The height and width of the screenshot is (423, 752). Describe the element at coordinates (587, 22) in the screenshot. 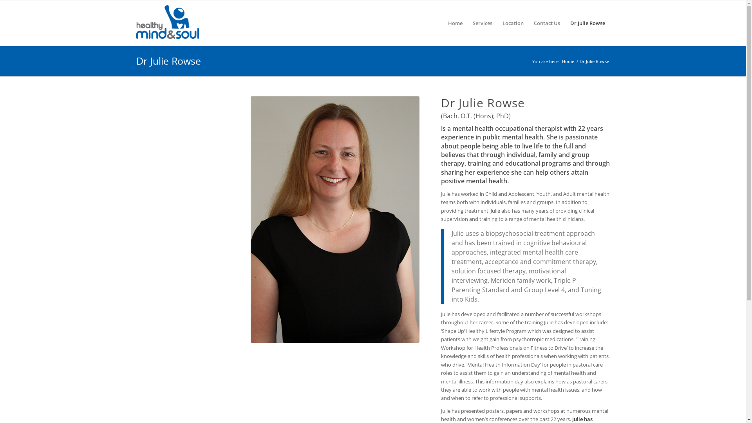

I see `'Dr Julie Rowse'` at that location.